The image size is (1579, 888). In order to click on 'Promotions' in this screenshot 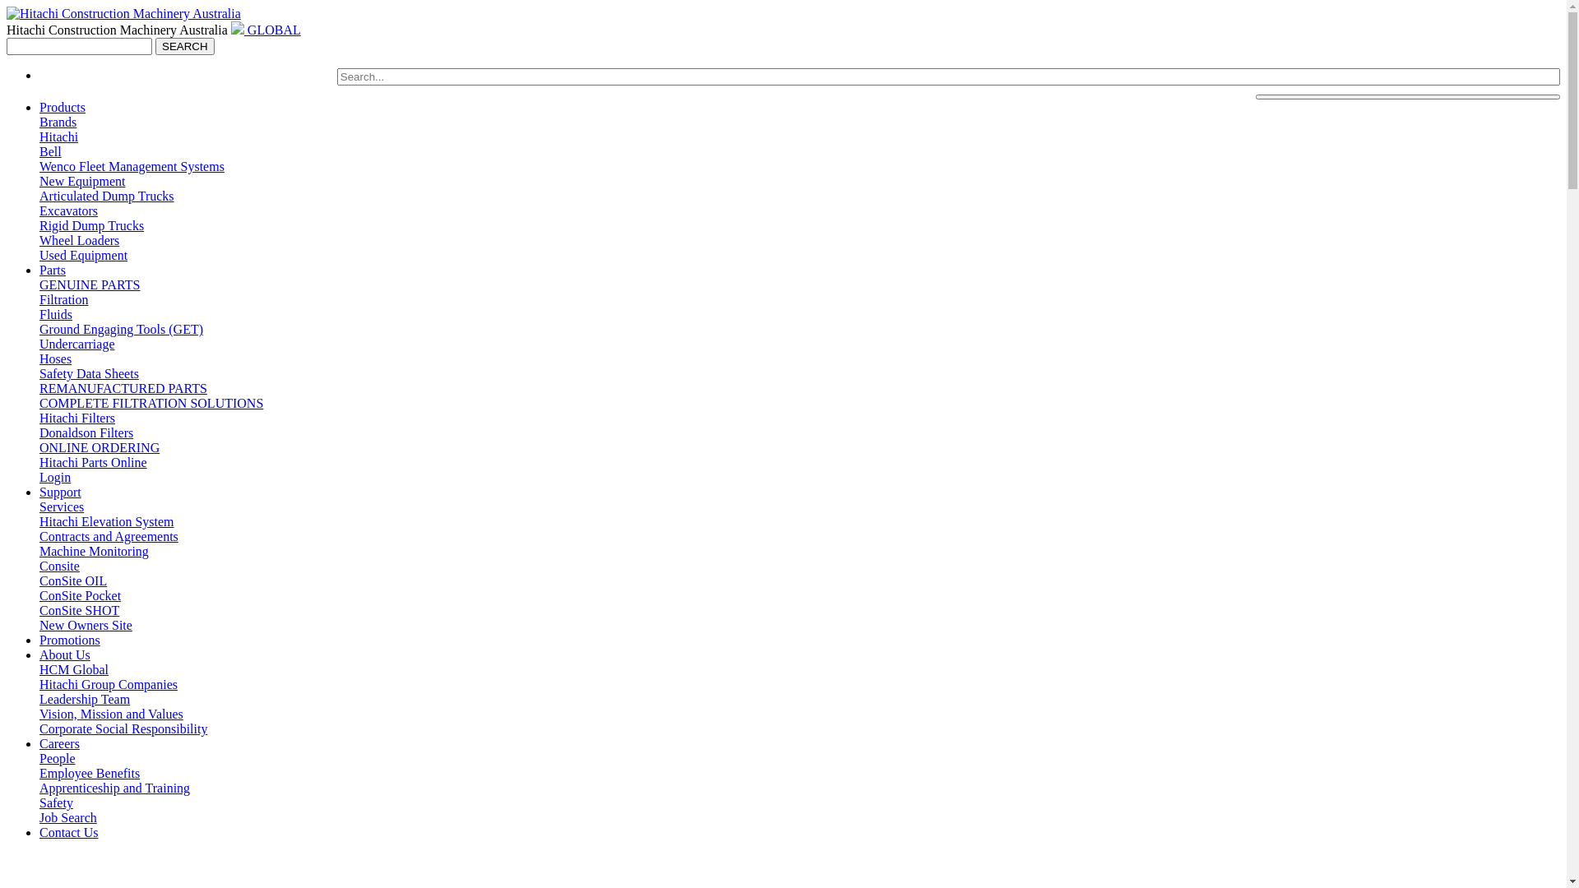, I will do `click(69, 639)`.